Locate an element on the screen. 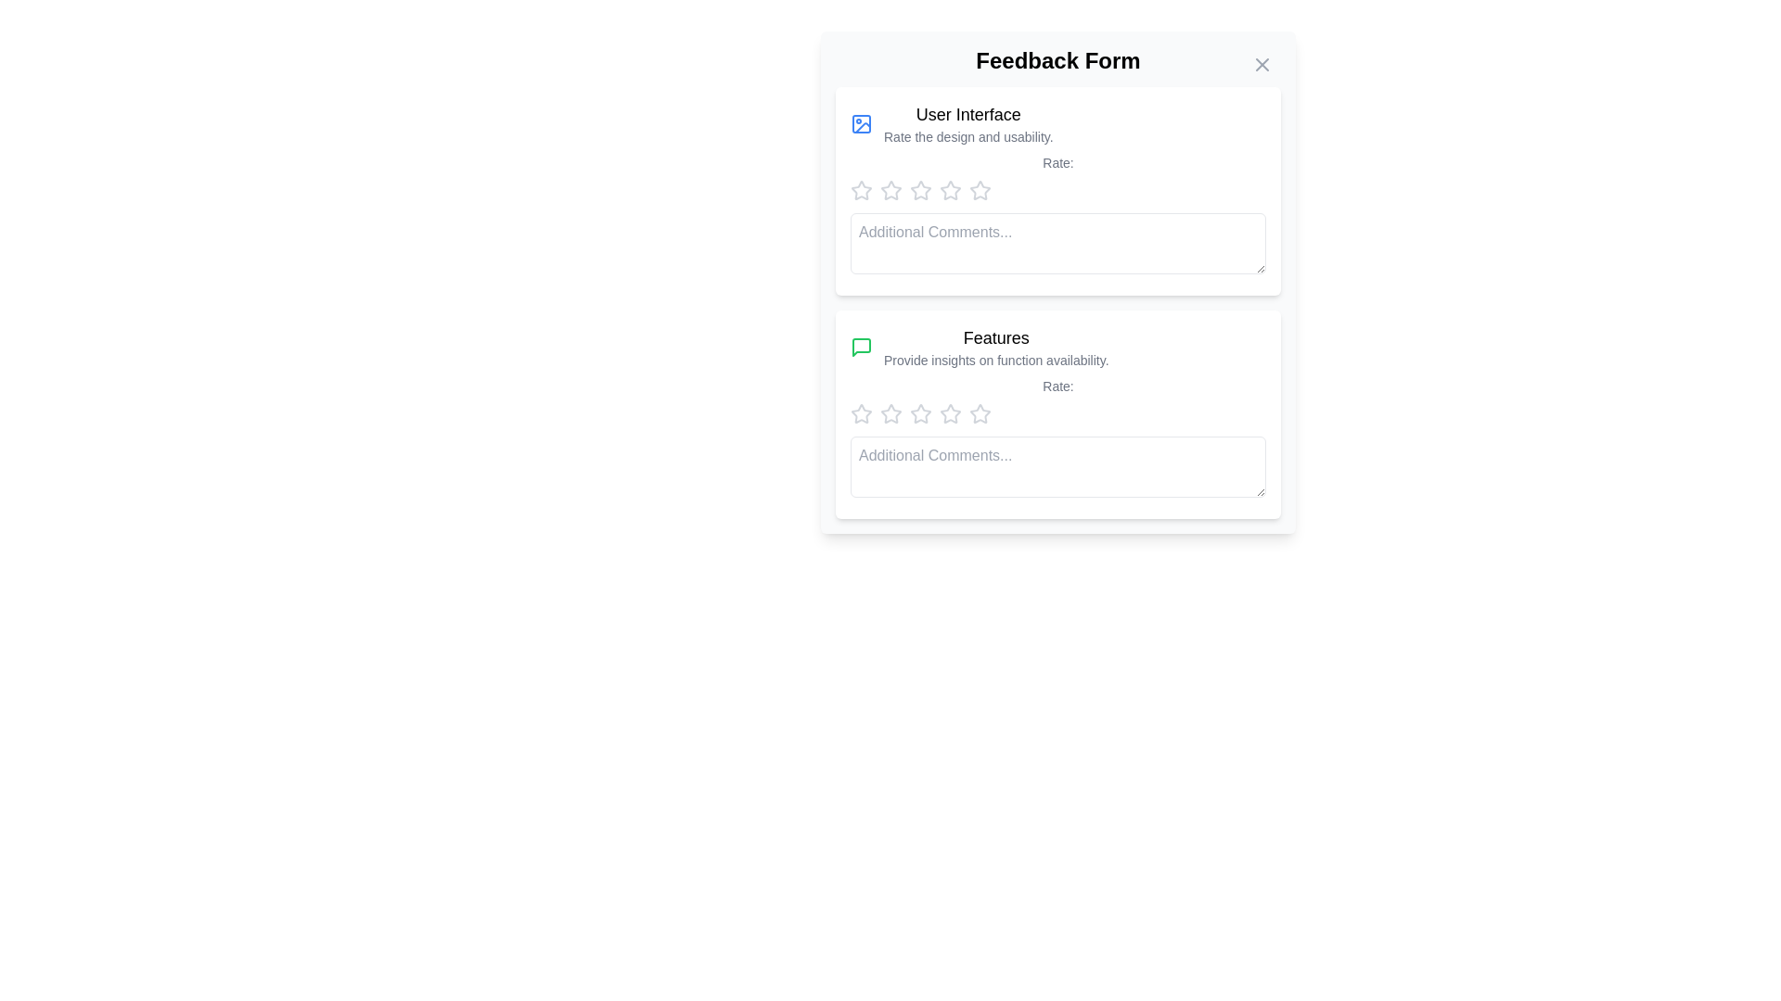  the close button located at the top-right corner of the 'Feedback Form' is located at coordinates (1262, 63).